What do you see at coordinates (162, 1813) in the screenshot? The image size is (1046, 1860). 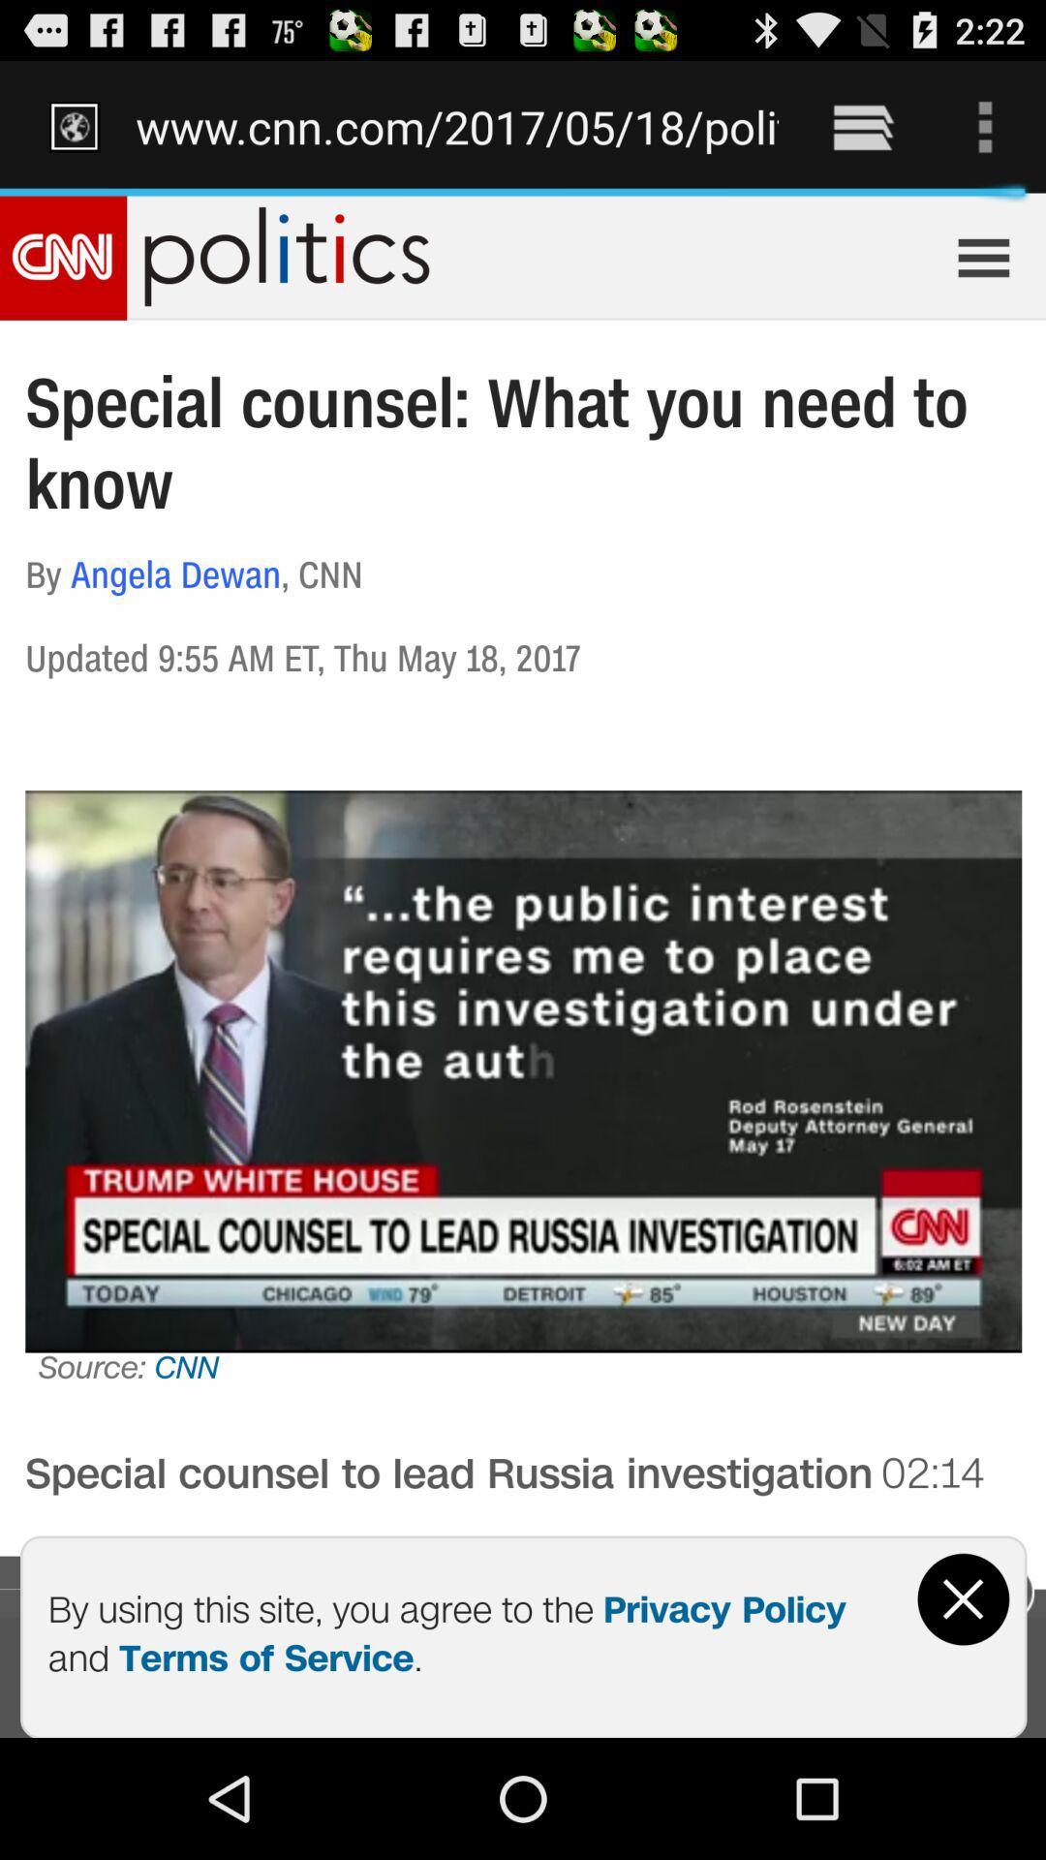 I see `the bottom left corner of the image` at bounding box center [162, 1813].